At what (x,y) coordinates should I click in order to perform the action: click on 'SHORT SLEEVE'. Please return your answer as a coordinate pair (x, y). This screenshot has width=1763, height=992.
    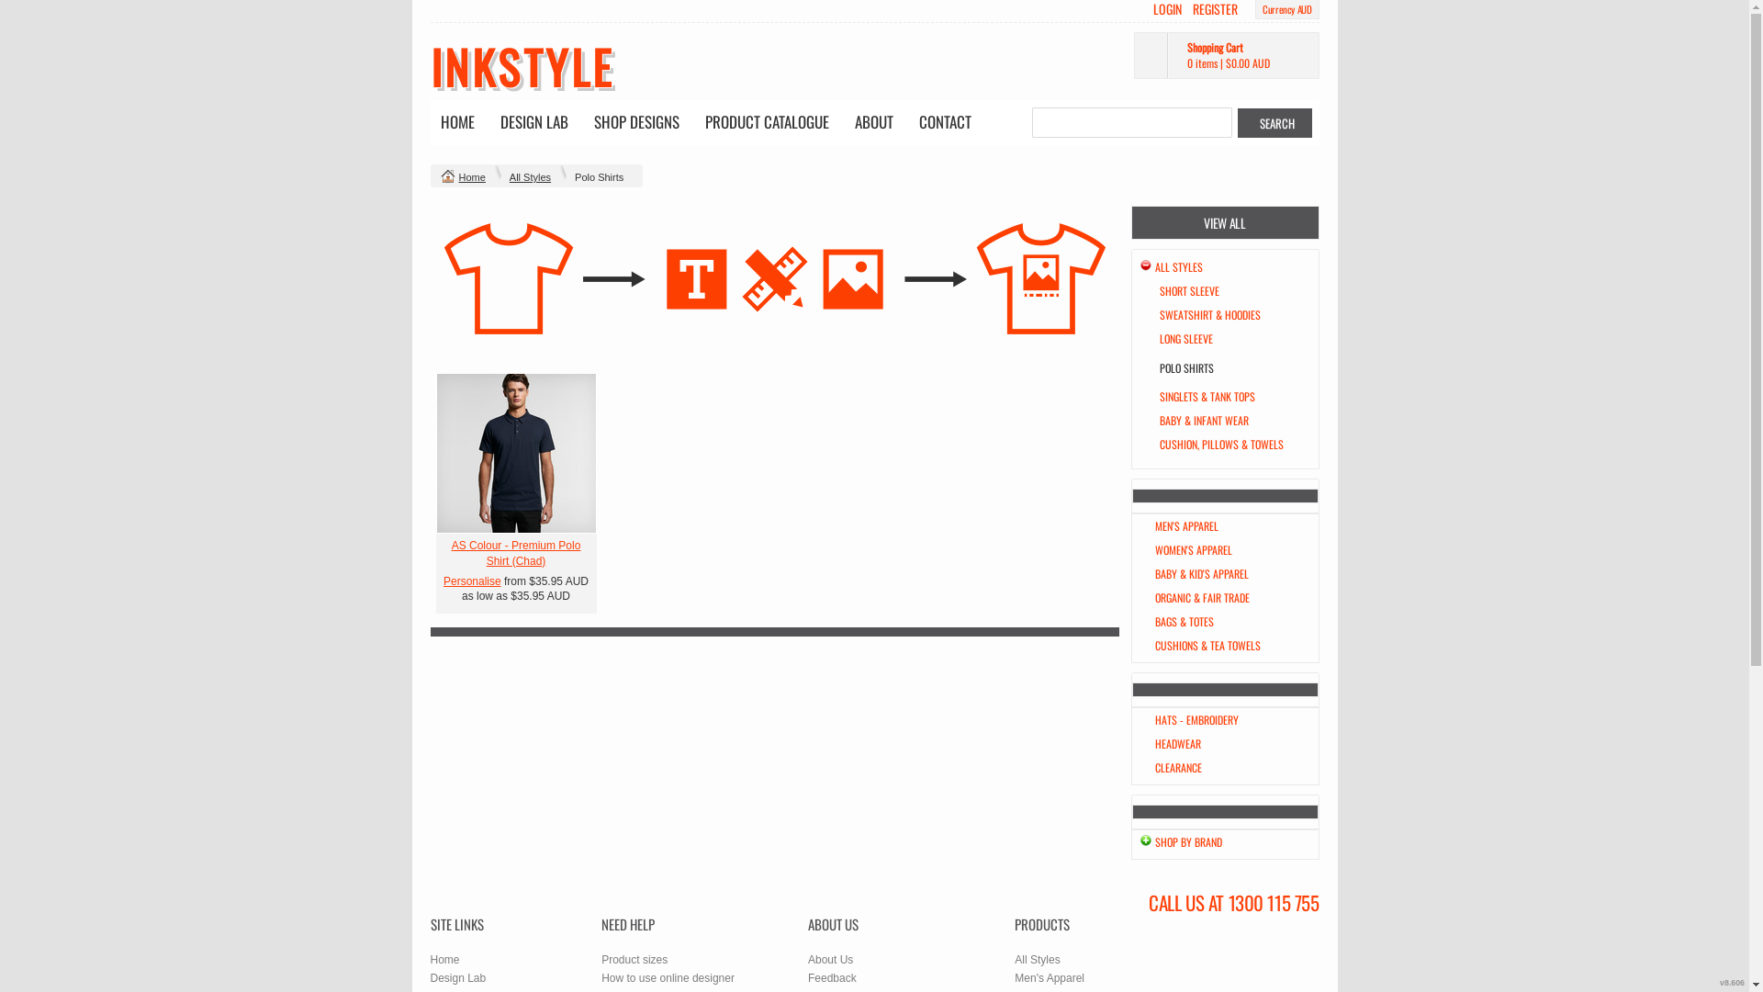
    Looking at the image, I should click on (1158, 289).